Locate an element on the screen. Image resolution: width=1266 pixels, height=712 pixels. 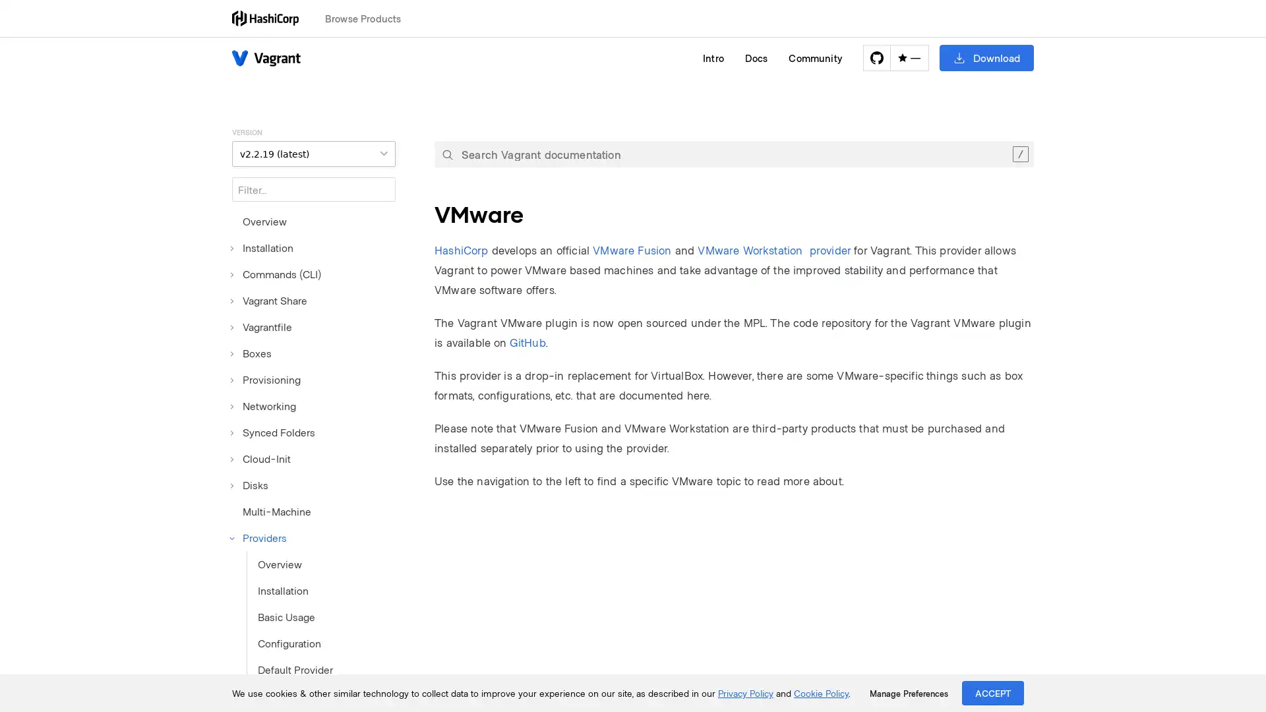
Cloud-Init is located at coordinates (261, 458).